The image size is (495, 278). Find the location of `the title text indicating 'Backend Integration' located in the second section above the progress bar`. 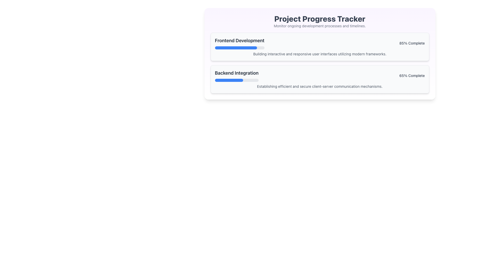

the title text indicating 'Backend Integration' located in the second section above the progress bar is located at coordinates (236, 73).